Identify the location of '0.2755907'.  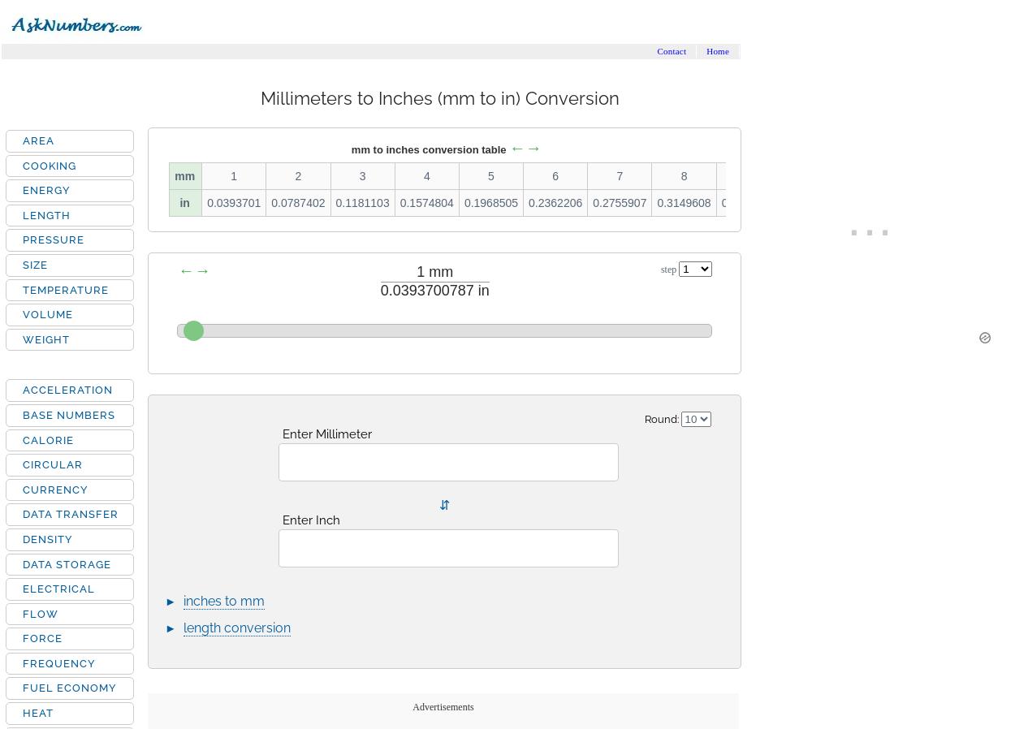
(620, 203).